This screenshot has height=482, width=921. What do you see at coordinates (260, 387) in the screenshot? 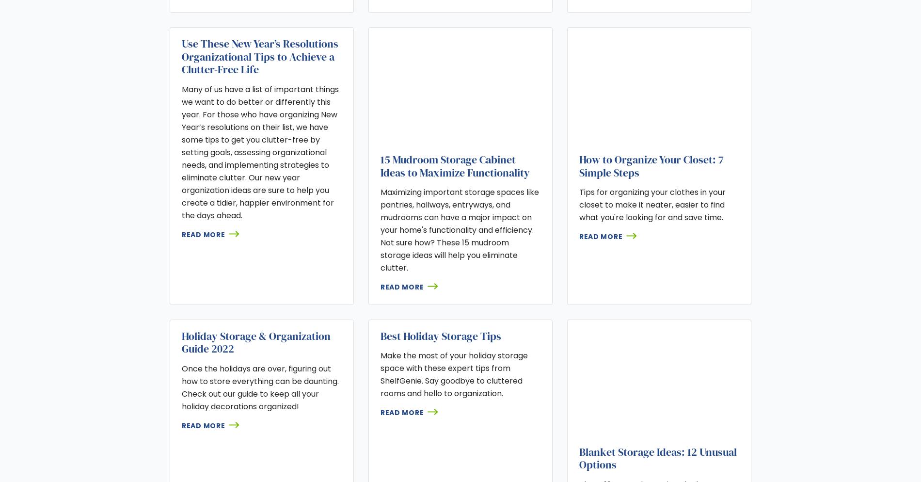
I see `'Once the holidays are over, figuring out how to store everything can be daunting. Check out our guide to keep all your holiday decorations organized!'` at bounding box center [260, 387].